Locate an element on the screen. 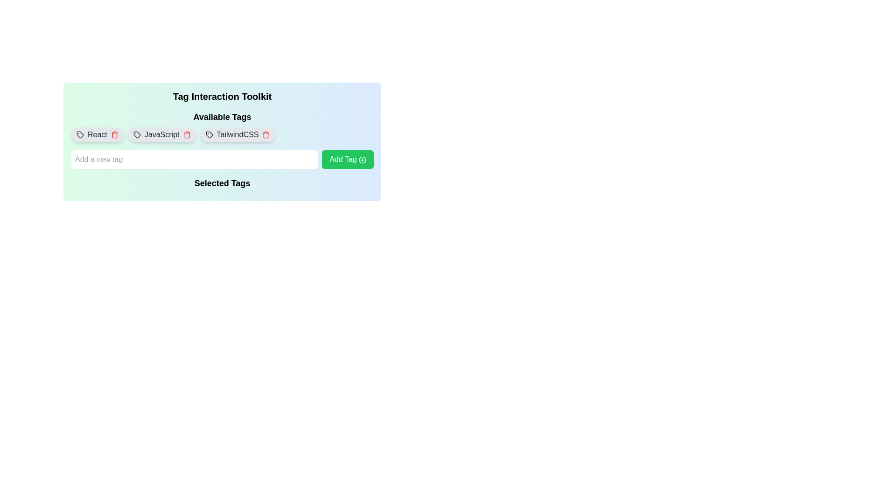 The width and height of the screenshot is (896, 504). the trash icon on the Tag button labeled 'React' is located at coordinates (97, 135).